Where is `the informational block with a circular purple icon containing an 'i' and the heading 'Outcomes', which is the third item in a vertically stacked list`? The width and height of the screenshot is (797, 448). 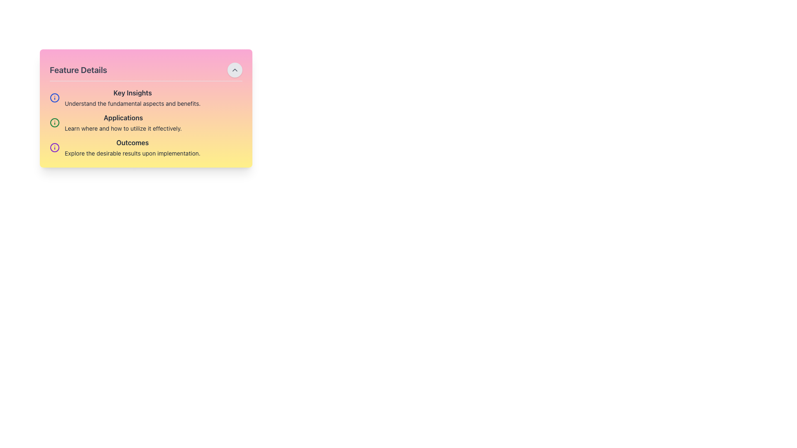
the informational block with a circular purple icon containing an 'i' and the heading 'Outcomes', which is the third item in a vertically stacked list is located at coordinates (146, 147).